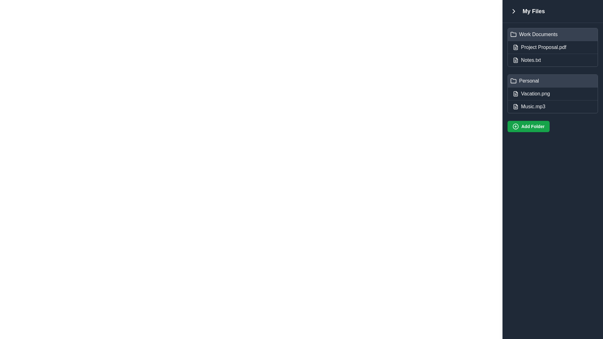  Describe the element at coordinates (513, 34) in the screenshot. I see `the folder icon located to the left of the 'Work Documents' label in the file navigation pane, which is styled with a minimalistic design and has a rounded rectangular form` at that location.